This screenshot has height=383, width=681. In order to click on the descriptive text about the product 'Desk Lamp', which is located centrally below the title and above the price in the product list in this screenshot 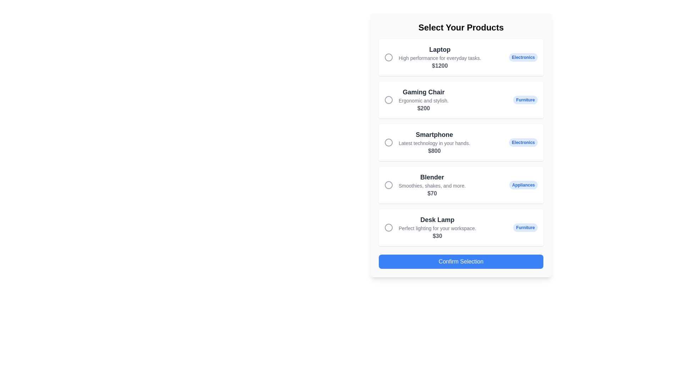, I will do `click(437, 228)`.